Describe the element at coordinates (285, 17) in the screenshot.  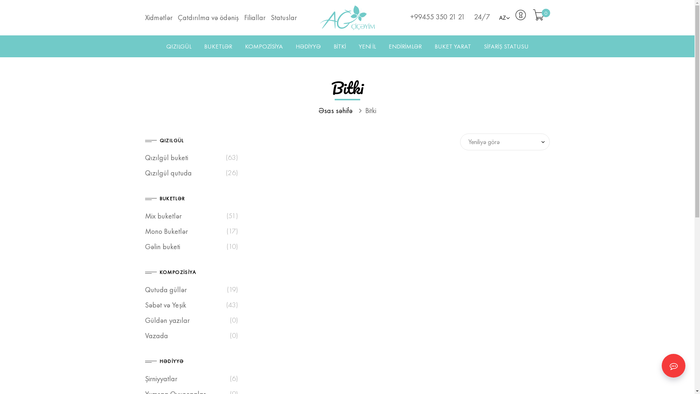
I see `'Statuslar'` at that location.